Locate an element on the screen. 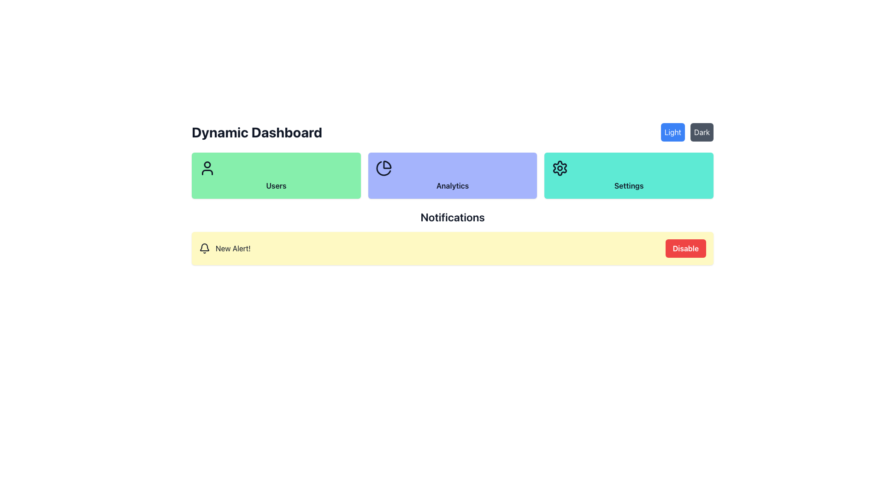 The width and height of the screenshot is (885, 498). text label 'Users' located at the center-bottom of the green rectangular section, which serves as a navigation label for the interactive area is located at coordinates (276, 185).